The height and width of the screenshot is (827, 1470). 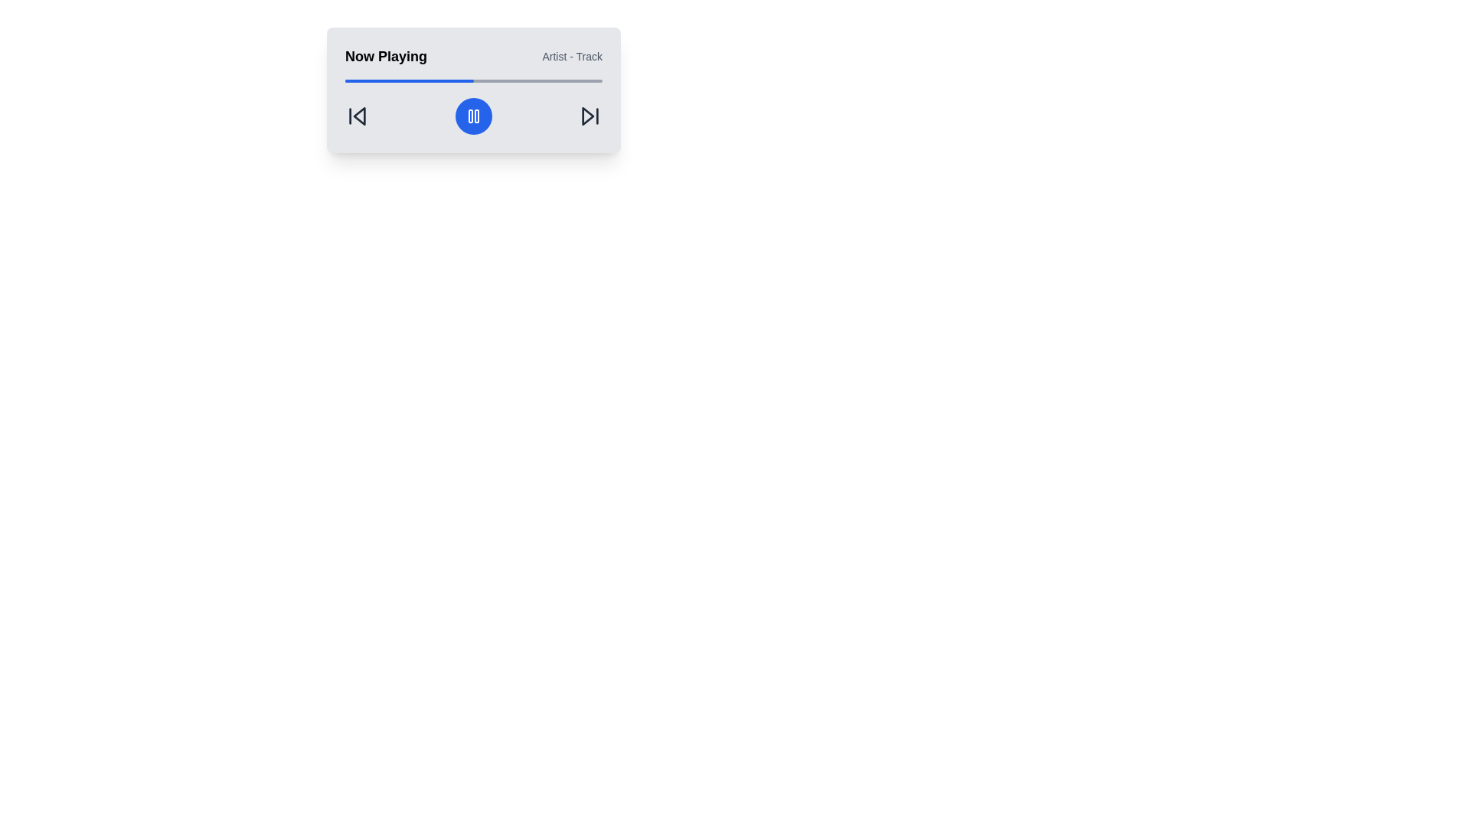 I want to click on the progress of the bar, so click(x=492, y=80).